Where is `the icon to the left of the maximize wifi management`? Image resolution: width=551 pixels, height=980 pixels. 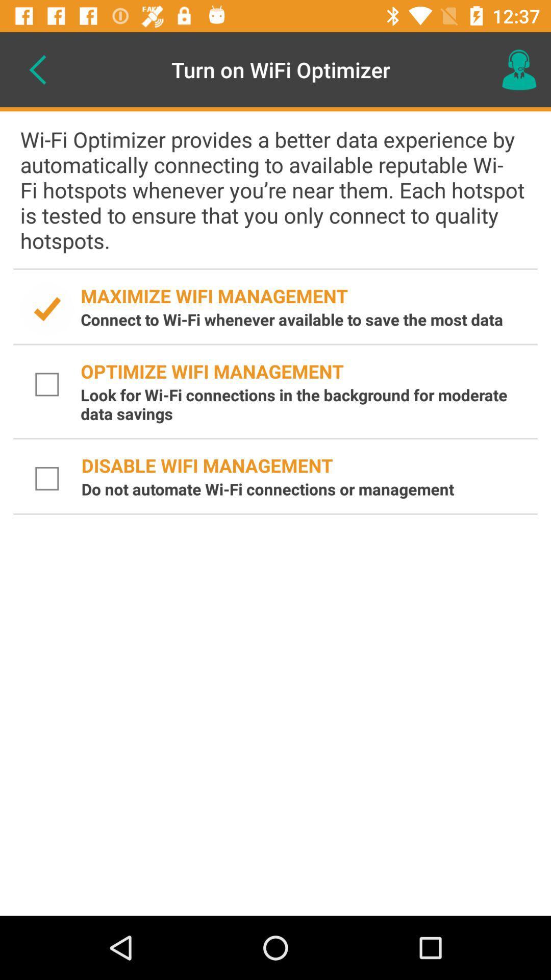 the icon to the left of the maximize wifi management is located at coordinates (47, 308).